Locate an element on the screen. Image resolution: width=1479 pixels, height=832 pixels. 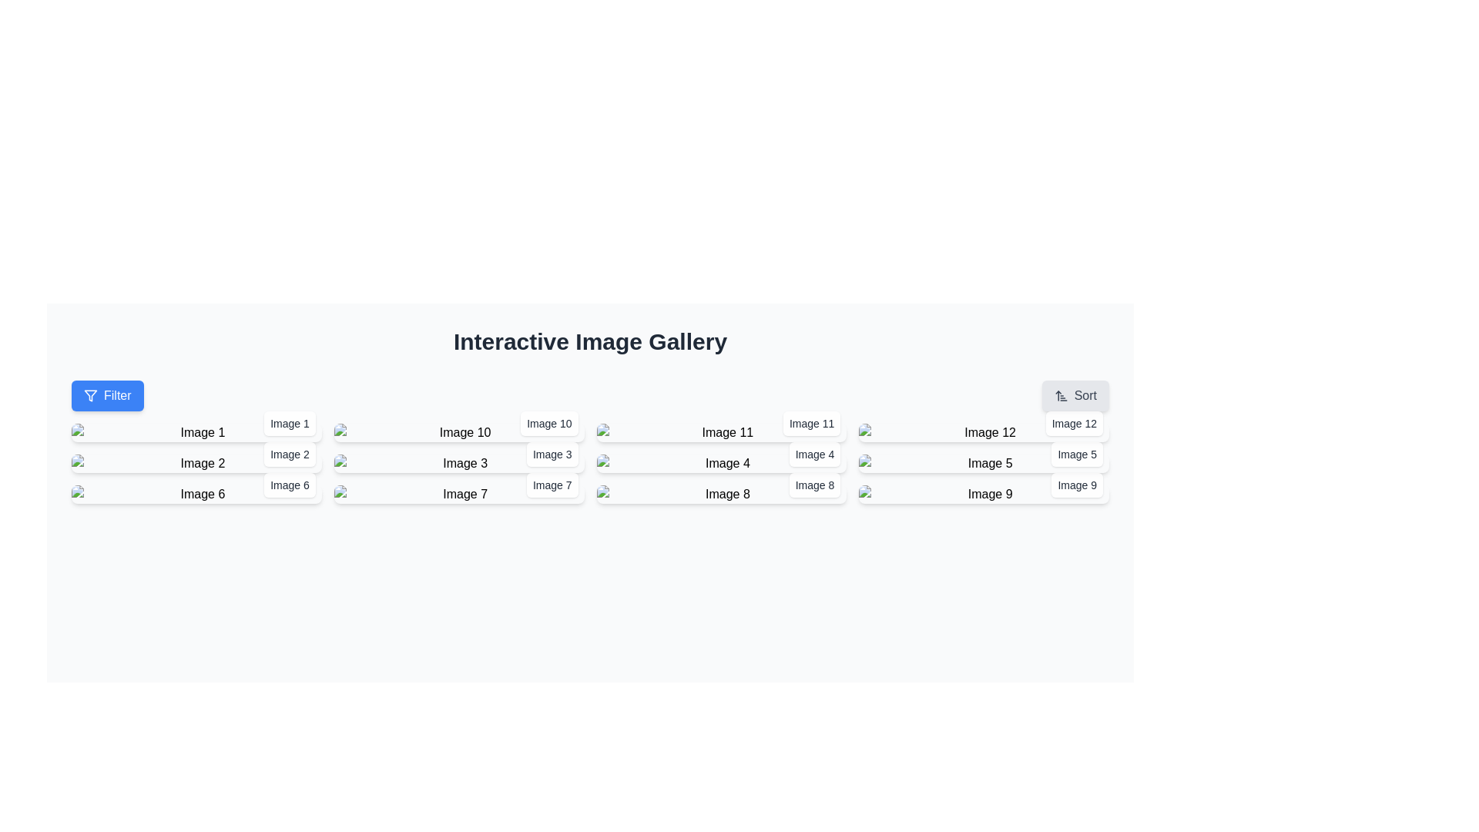
the image associated with the text label 'Image 8', which is a small, white, semi-transparent rectangular label located in the bottom-right corner of the image thumbnail is located at coordinates (813, 484).